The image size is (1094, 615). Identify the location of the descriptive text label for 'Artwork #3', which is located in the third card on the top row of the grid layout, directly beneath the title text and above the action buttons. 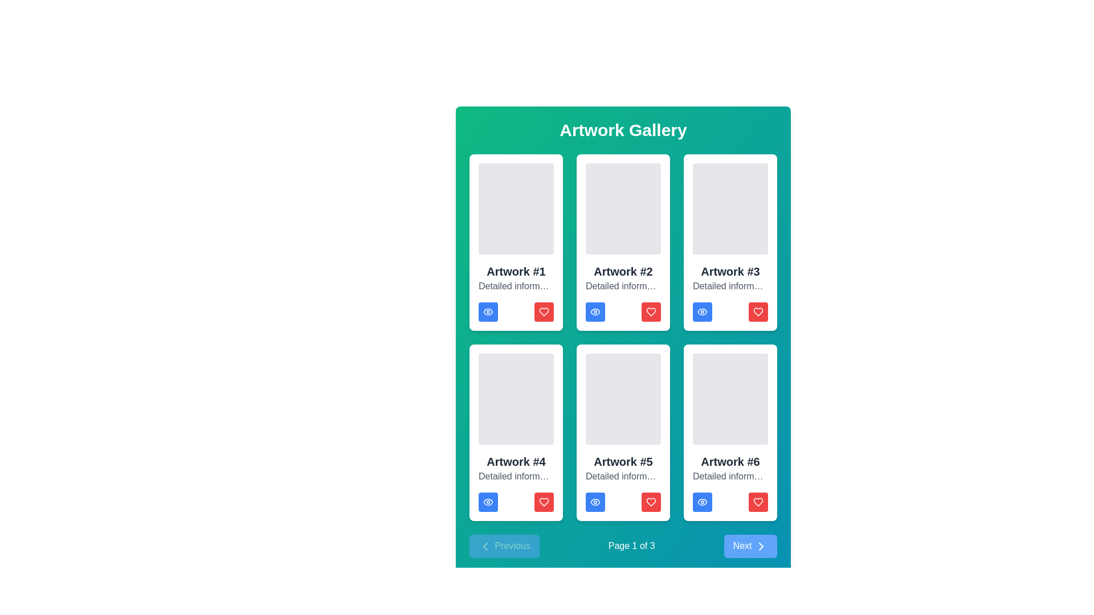
(730, 285).